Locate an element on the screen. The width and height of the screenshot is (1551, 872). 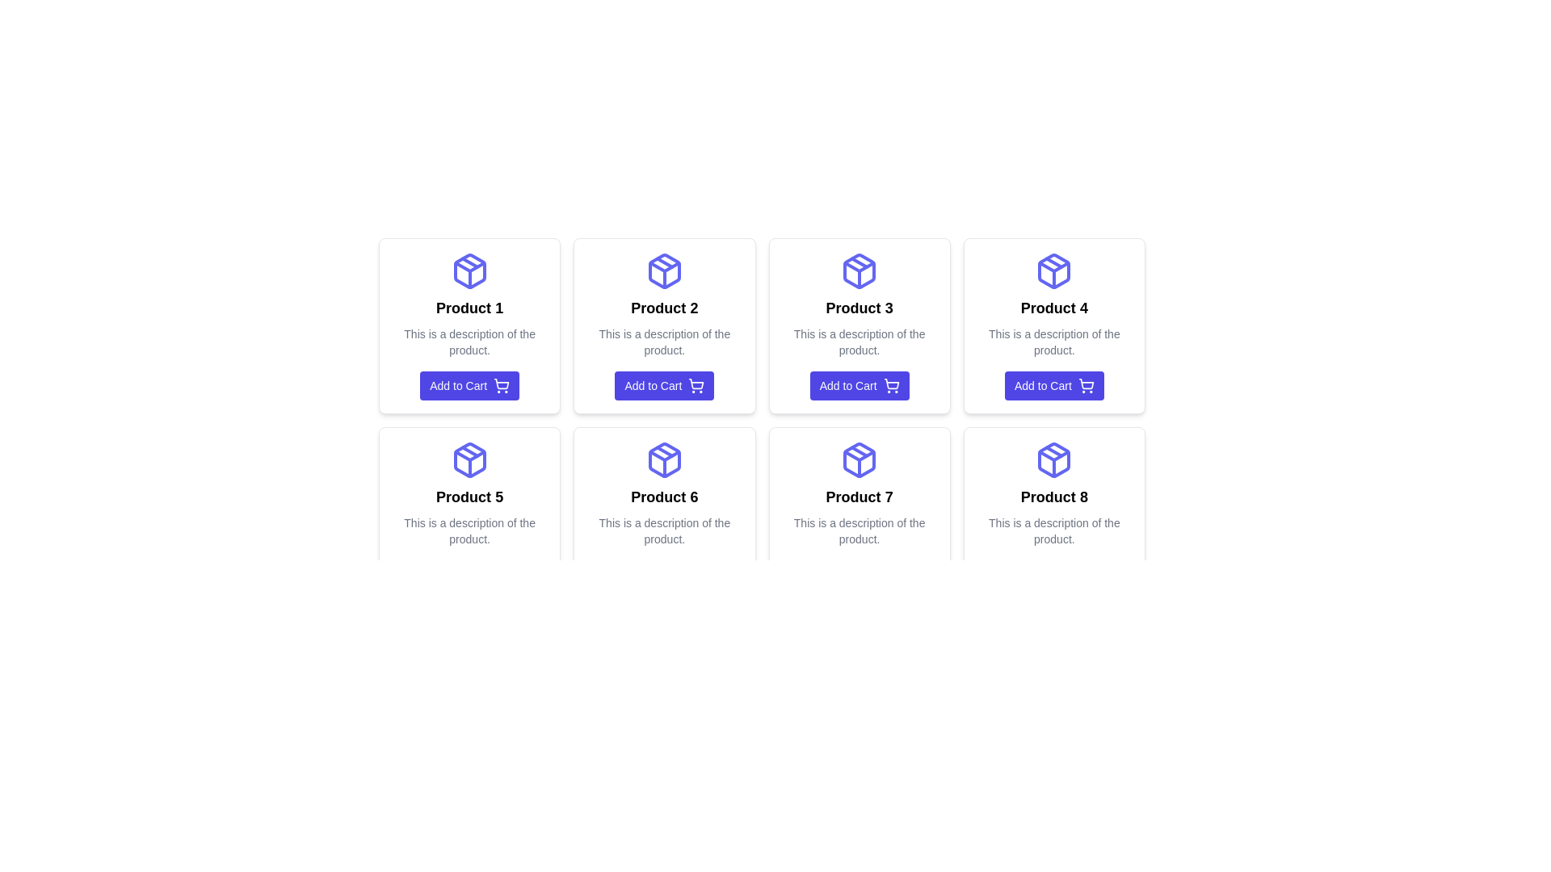
the triangular decorative element within the SVG icon for Product 3, positioned above the product's title text is located at coordinates (859, 266).